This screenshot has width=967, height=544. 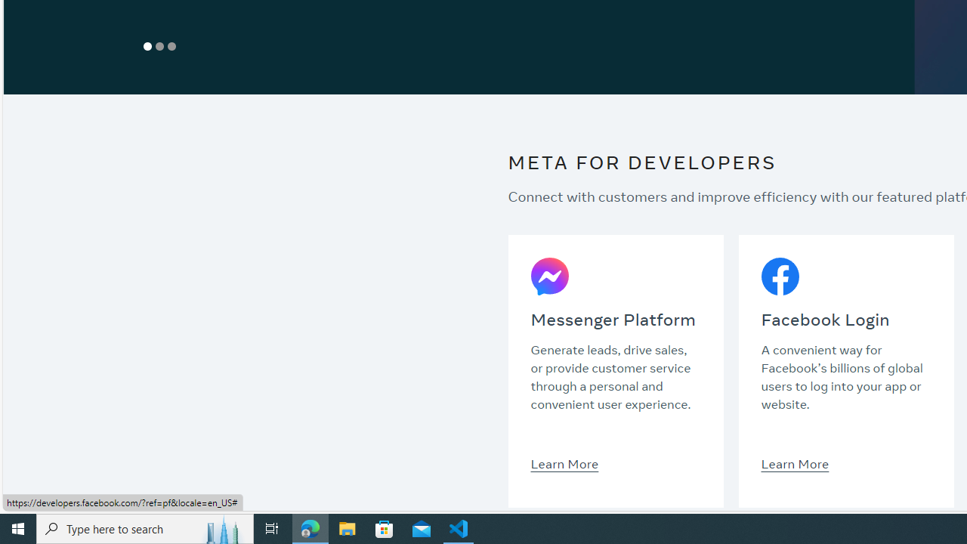 What do you see at coordinates (159, 45) in the screenshot?
I see `'Show Slide 2'` at bounding box center [159, 45].